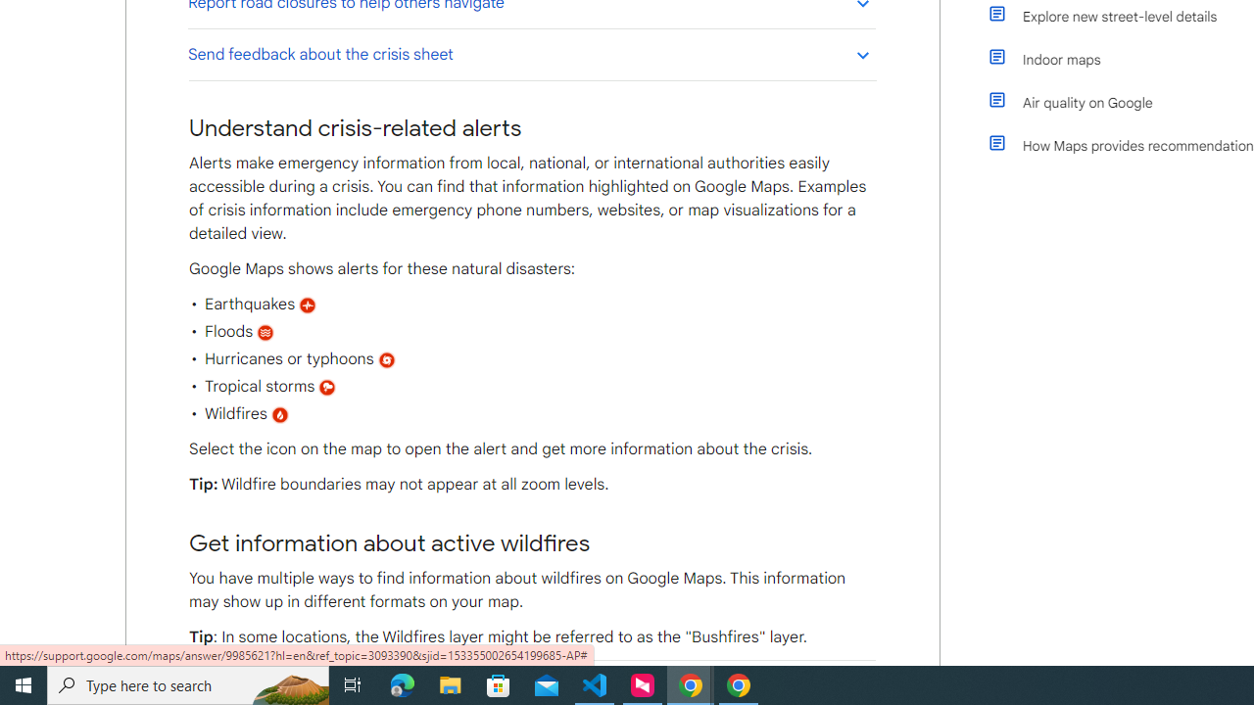 The width and height of the screenshot is (1254, 705). Describe the element at coordinates (531, 53) in the screenshot. I see `'Send feedback about the crisis sheet'` at that location.